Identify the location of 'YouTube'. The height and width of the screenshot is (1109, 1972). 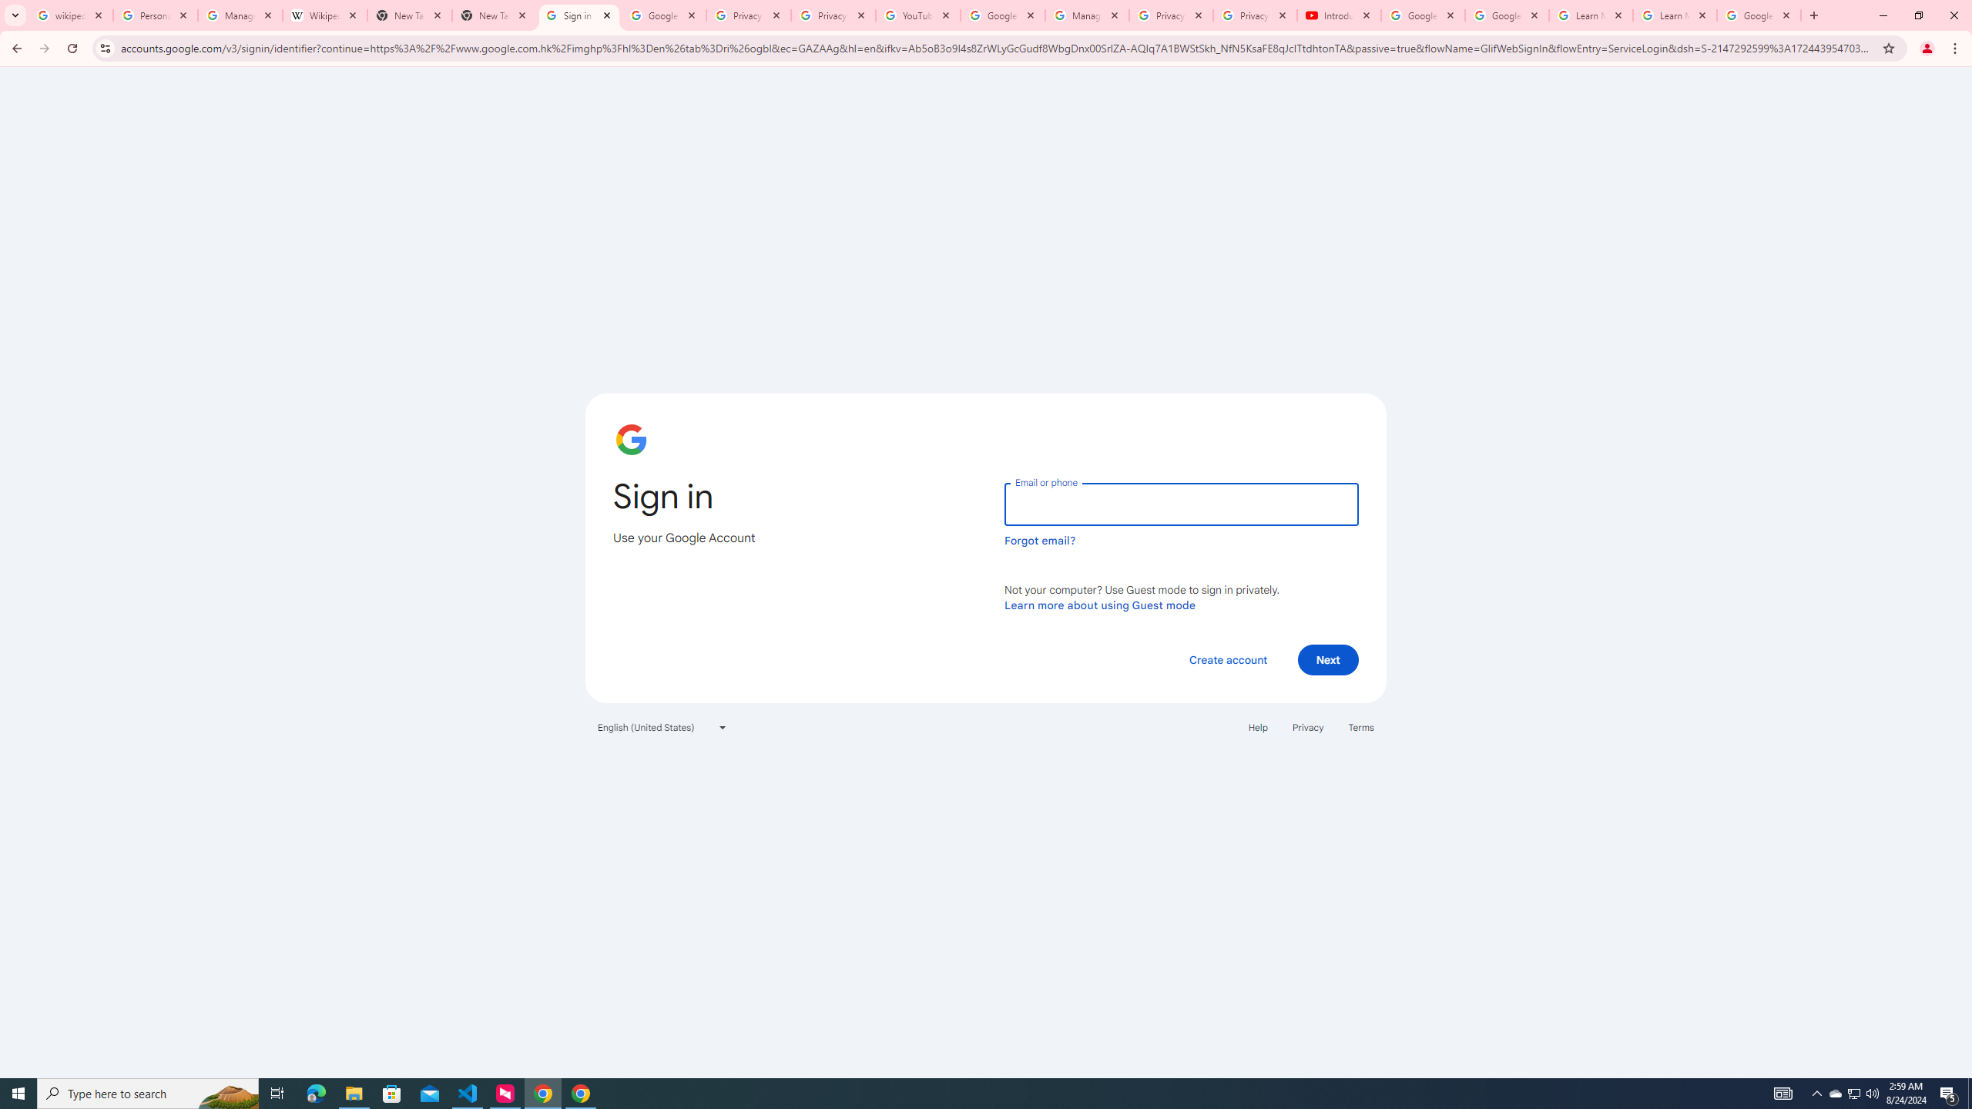
(917, 15).